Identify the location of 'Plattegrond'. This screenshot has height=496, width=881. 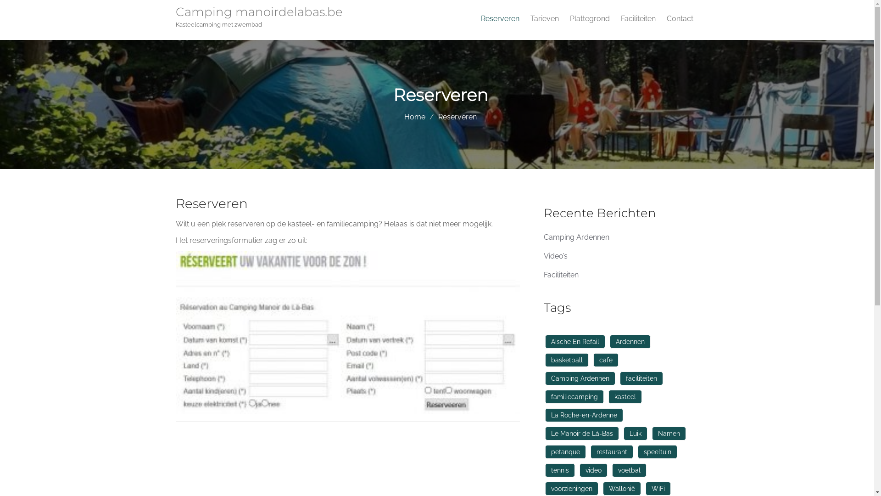
(590, 19).